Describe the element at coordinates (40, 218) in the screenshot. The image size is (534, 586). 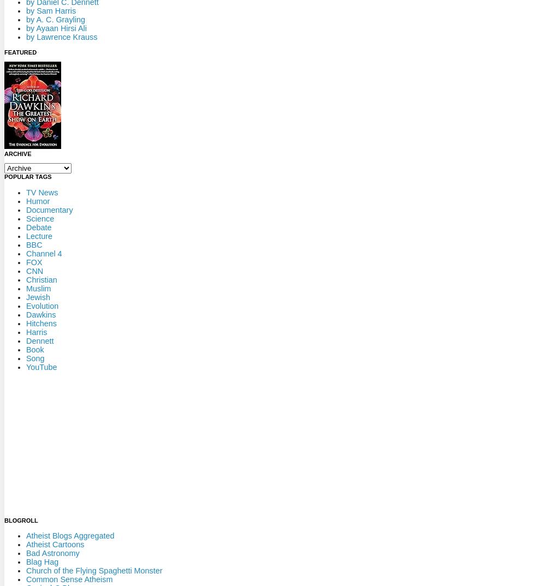
I see `'Science'` at that location.